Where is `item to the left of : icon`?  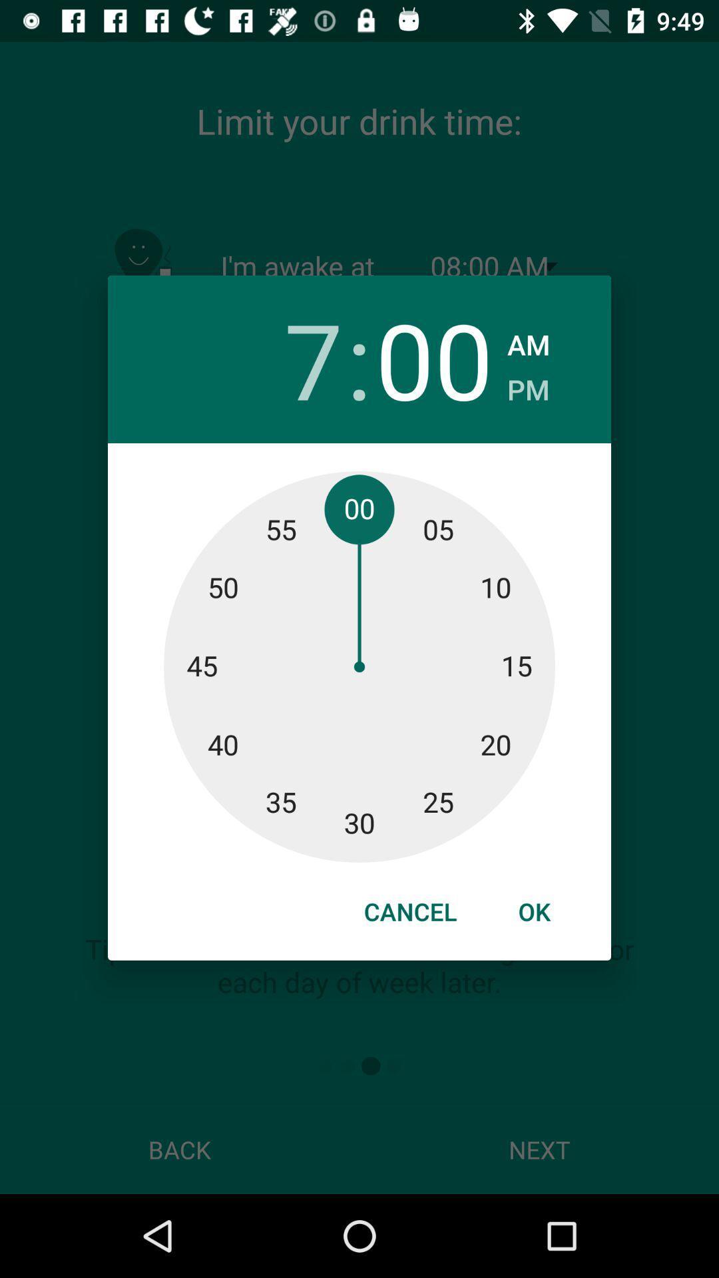 item to the left of : icon is located at coordinates (283, 359).